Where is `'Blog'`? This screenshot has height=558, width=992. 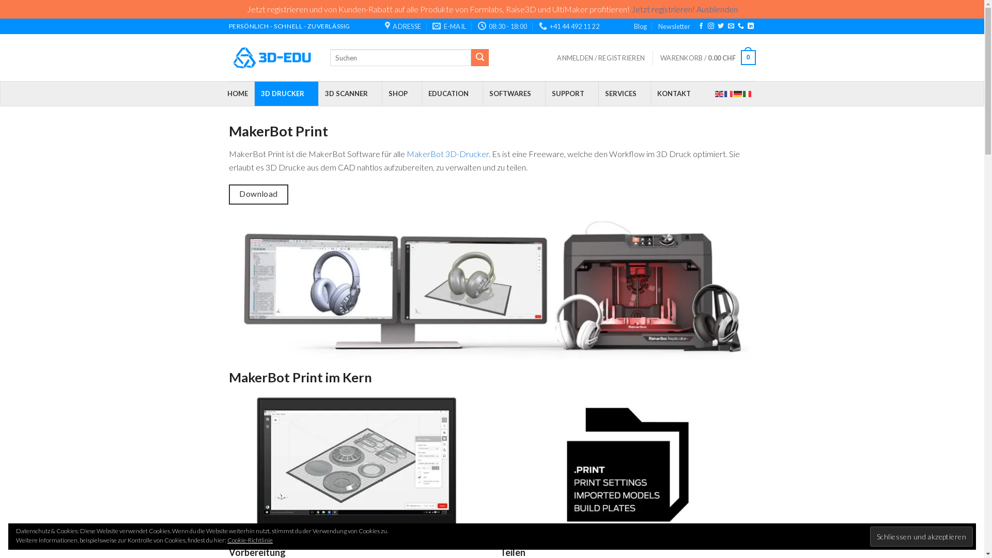
'Blog' is located at coordinates (640, 25).